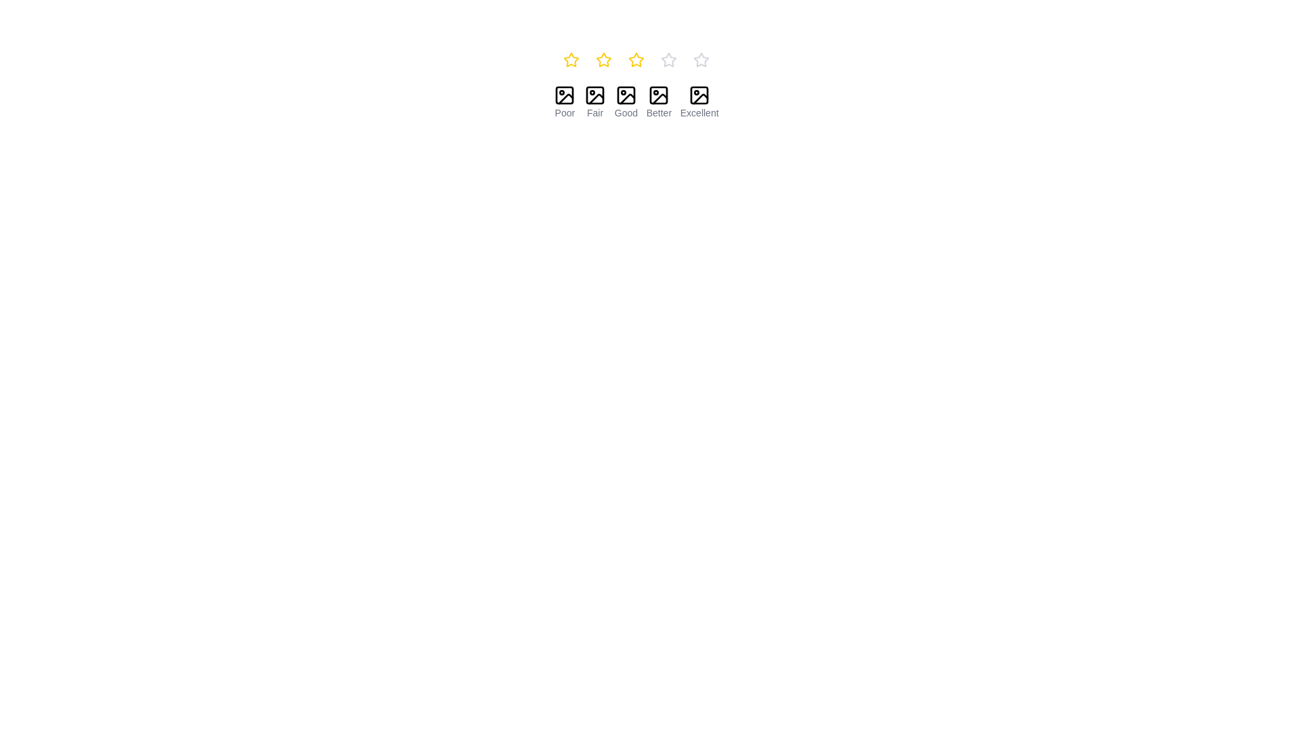  What do you see at coordinates (636, 59) in the screenshot?
I see `the third star icon in the rating system to set the rating to three out of five` at bounding box center [636, 59].